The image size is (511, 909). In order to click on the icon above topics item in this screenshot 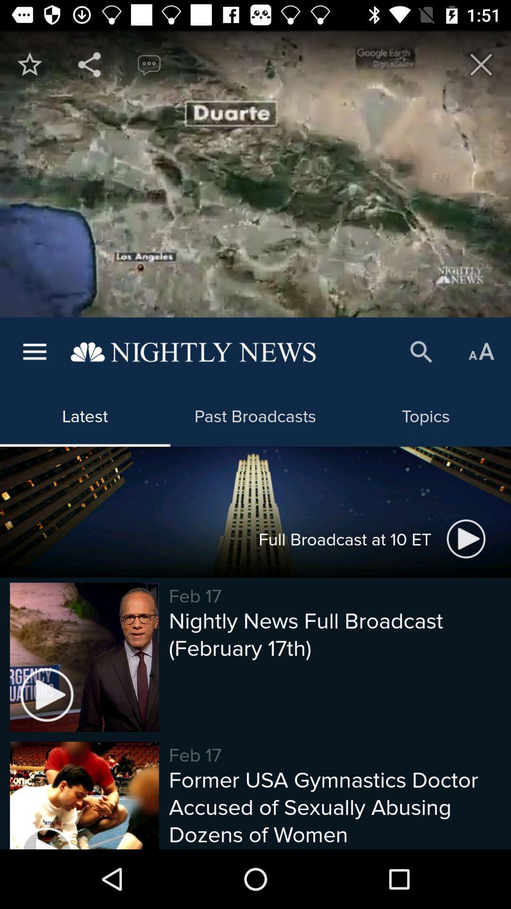, I will do `click(421, 352)`.